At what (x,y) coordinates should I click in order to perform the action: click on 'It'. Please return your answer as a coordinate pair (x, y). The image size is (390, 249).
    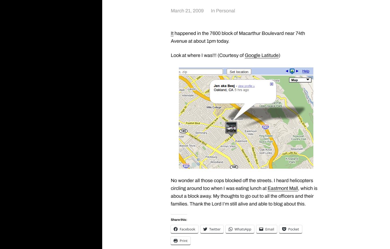
    Looking at the image, I should click on (172, 33).